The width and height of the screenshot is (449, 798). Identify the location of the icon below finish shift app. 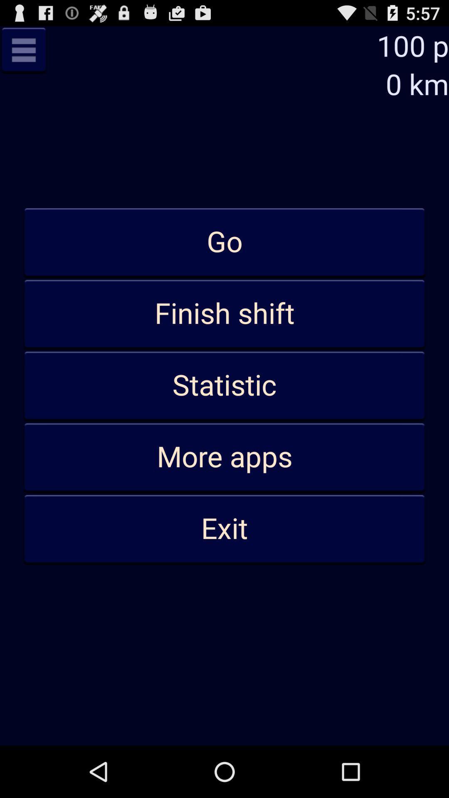
(224, 385).